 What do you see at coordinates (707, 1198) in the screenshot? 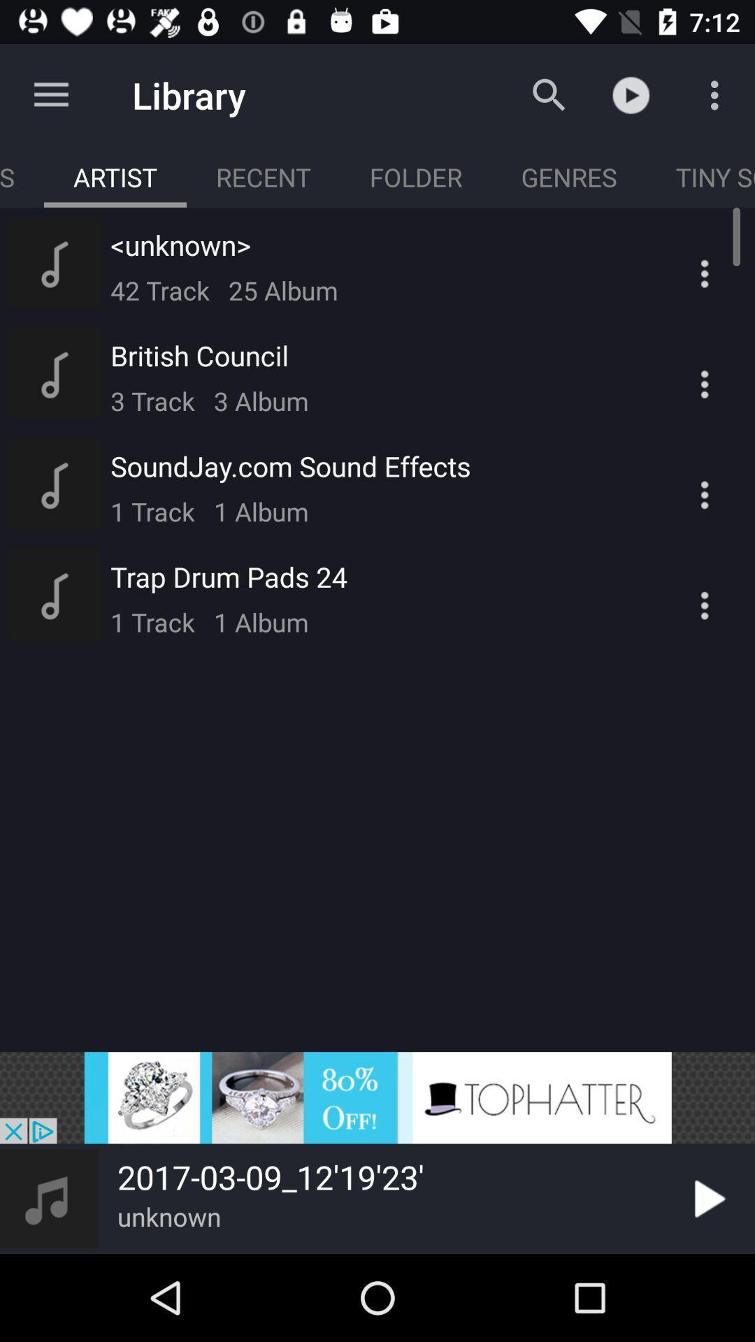
I see `the play icon` at bounding box center [707, 1198].